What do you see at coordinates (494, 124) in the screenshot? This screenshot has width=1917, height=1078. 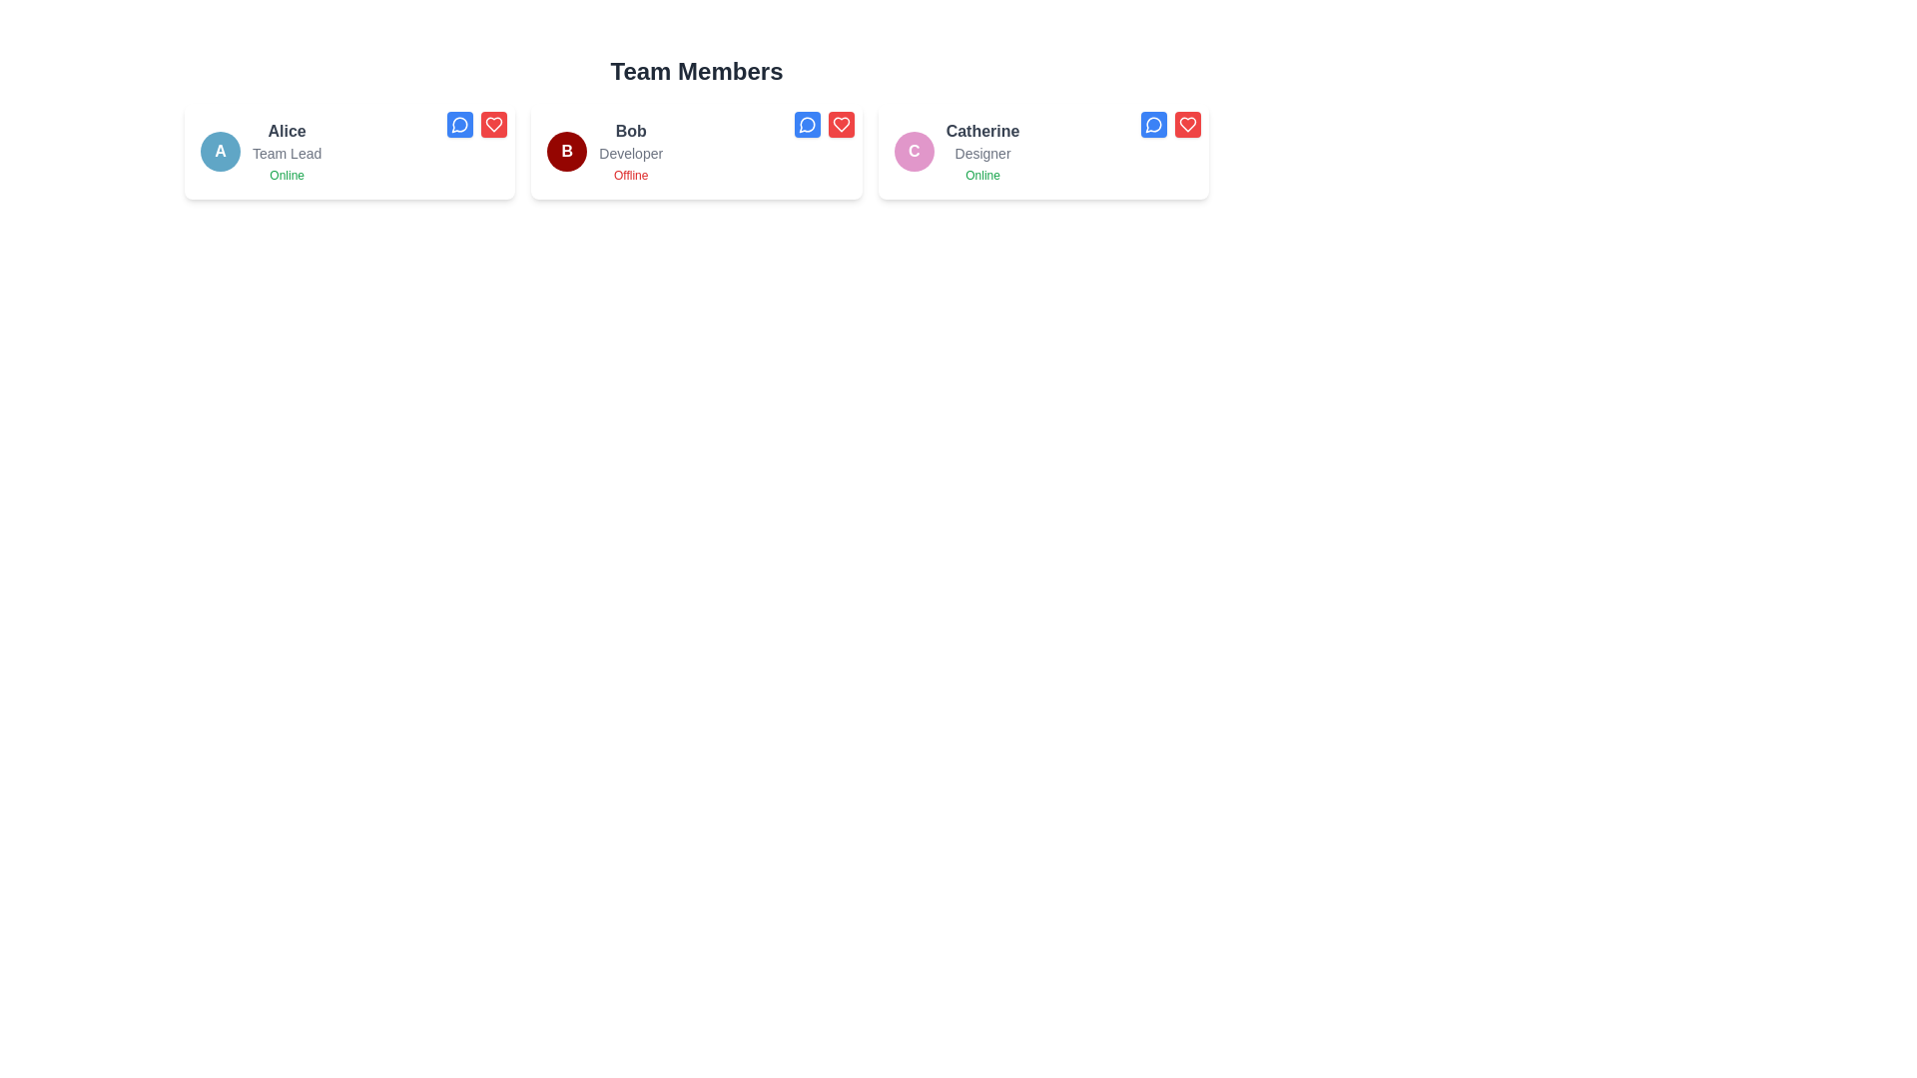 I see `the heart-shaped button with a red background located in the top-right corner of the card for 'Alice - Team Lead - Online'` at bounding box center [494, 124].